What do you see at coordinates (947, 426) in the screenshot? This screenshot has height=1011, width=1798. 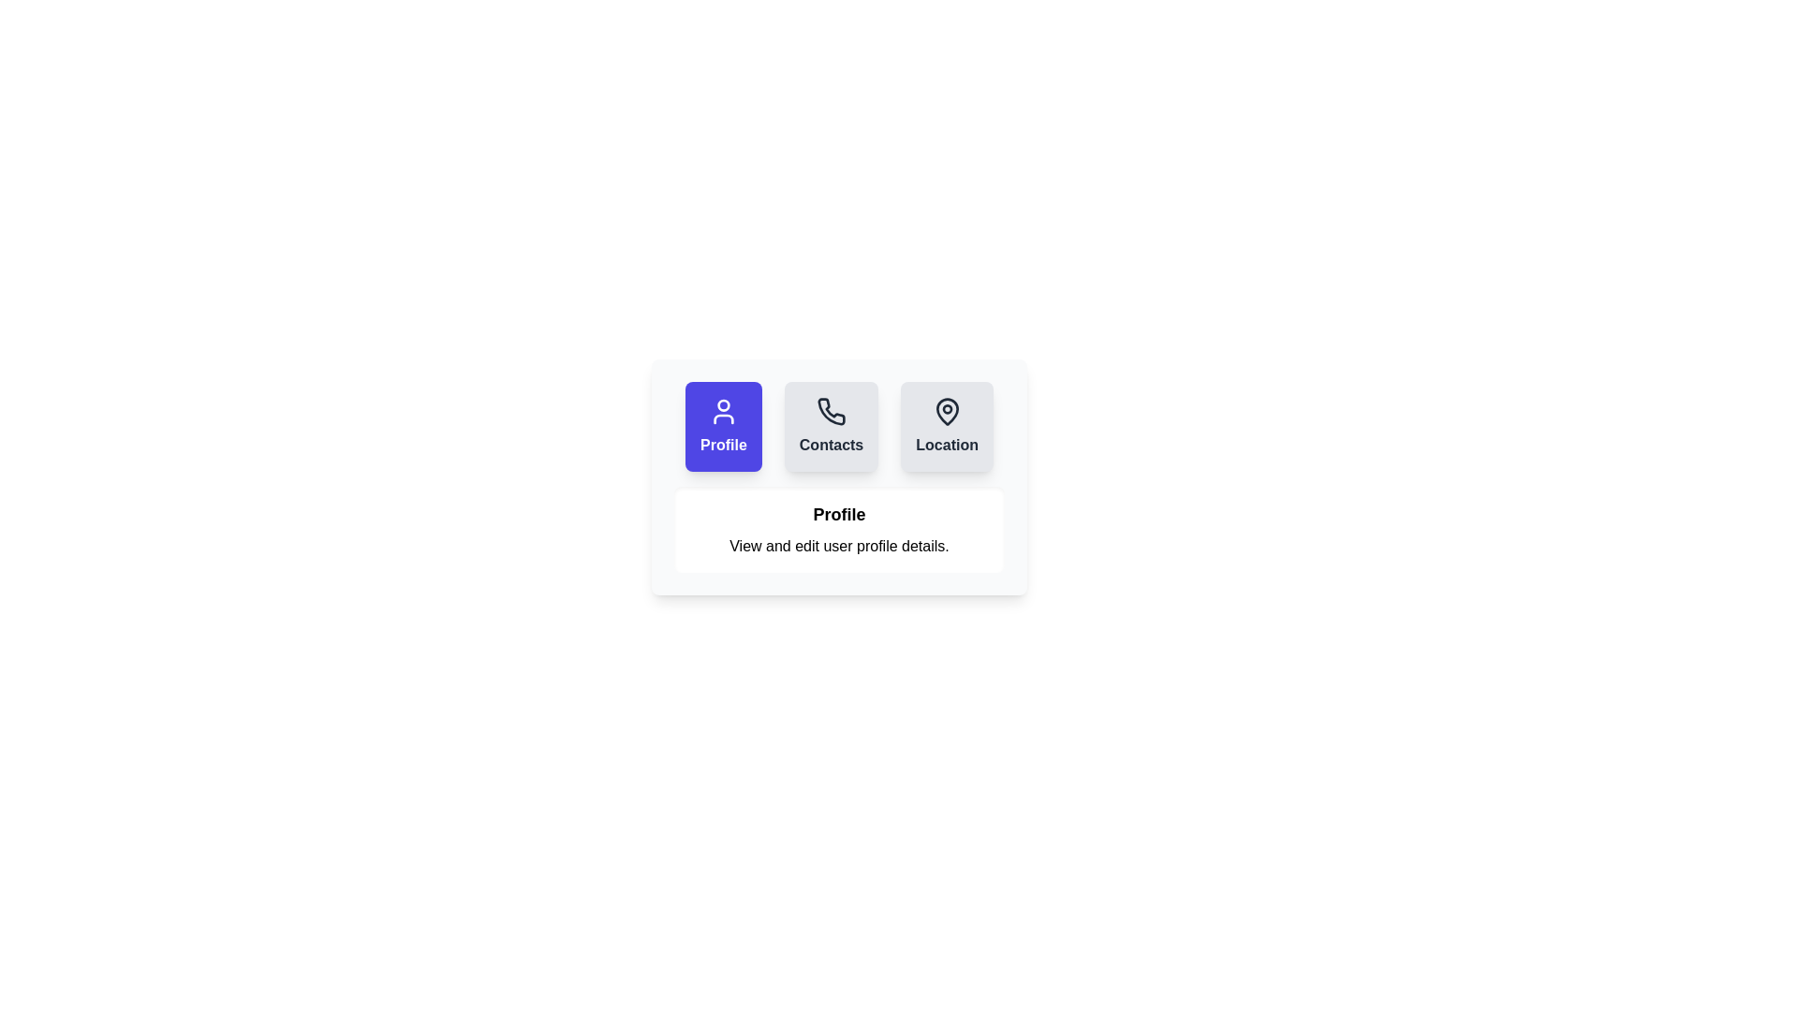 I see `the Location tab by clicking its button` at bounding box center [947, 426].